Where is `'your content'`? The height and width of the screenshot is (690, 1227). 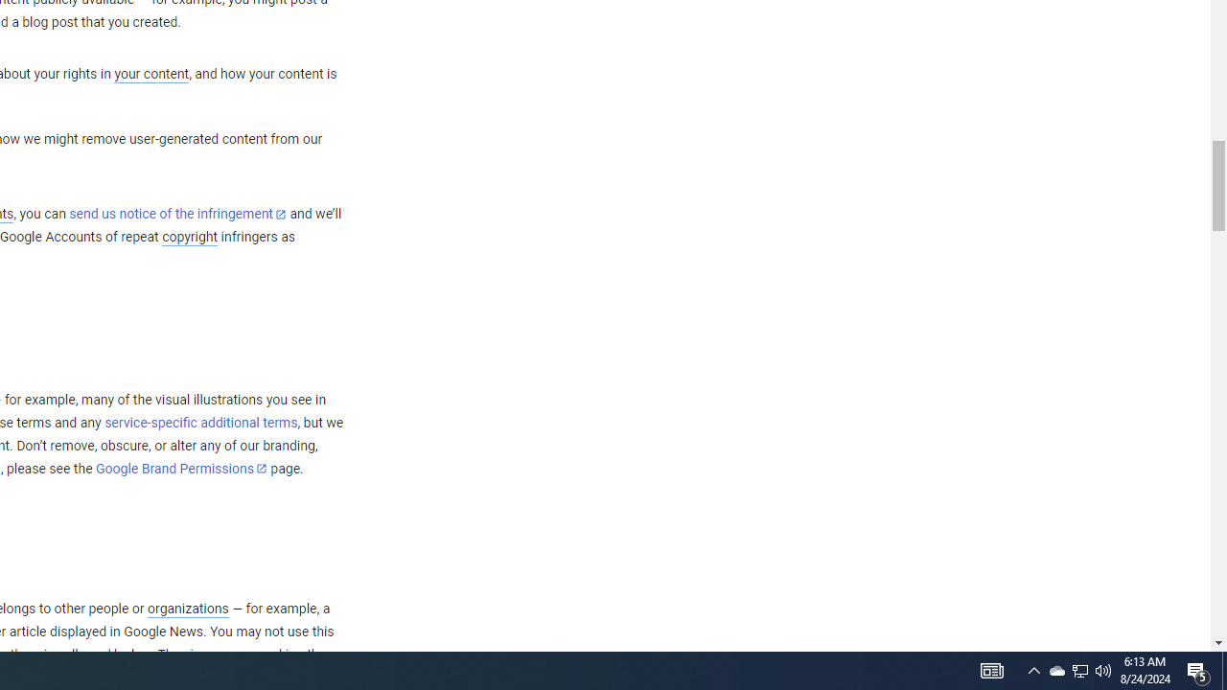 'your content' is located at coordinates (150, 74).